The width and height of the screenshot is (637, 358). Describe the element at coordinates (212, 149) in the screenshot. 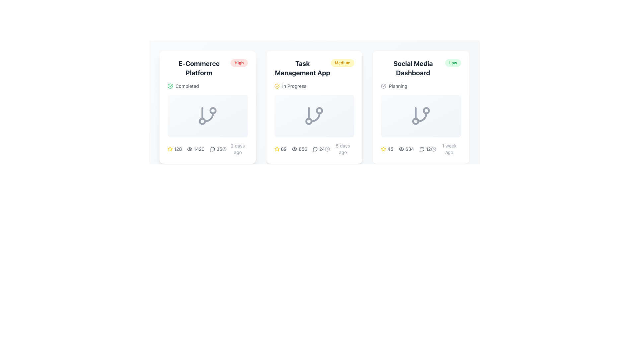

I see `the comment icon that indicates the number of comments (35) located below the title 'E-Commerce Platform' in the first card of the interface` at that location.